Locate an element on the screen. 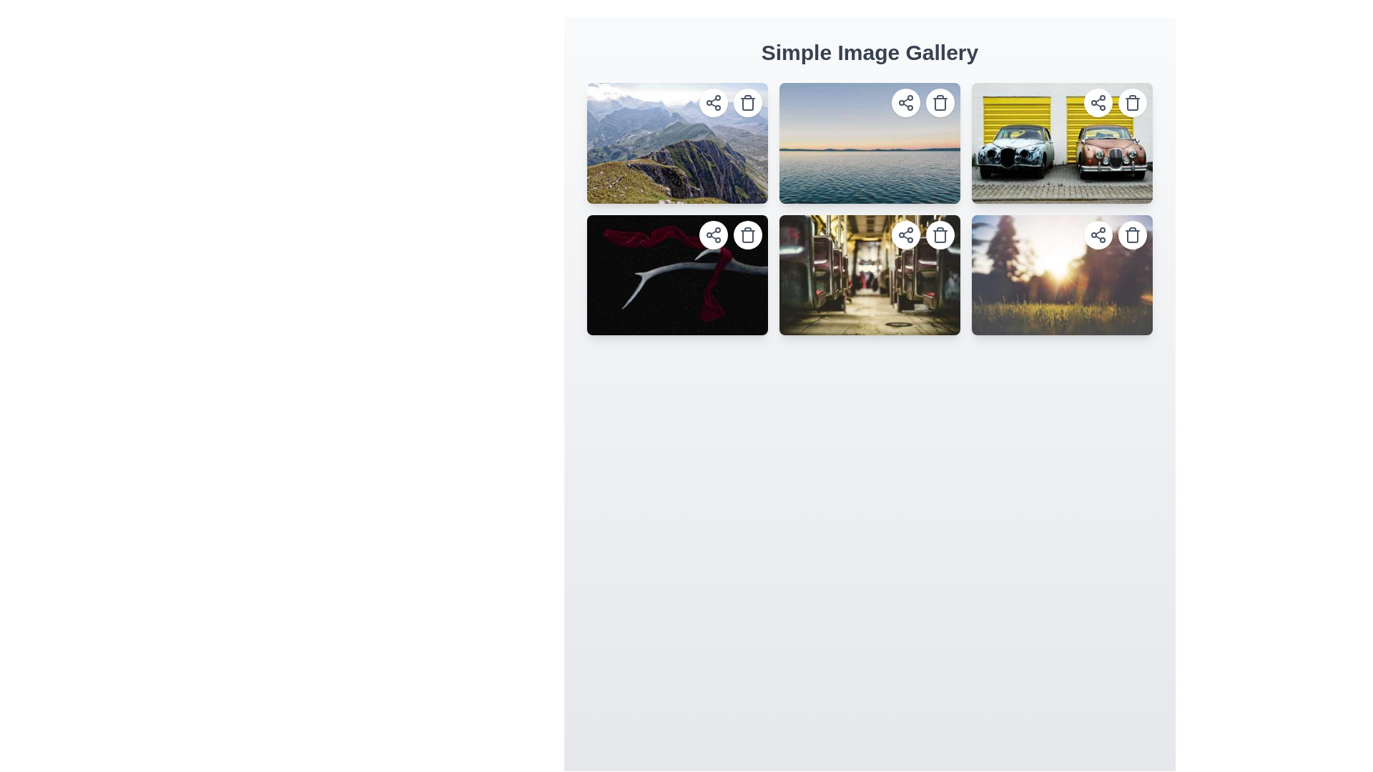  the share button located in the top-right corner of the fourth image in the second row of the gallery grid is located at coordinates (1098, 233).